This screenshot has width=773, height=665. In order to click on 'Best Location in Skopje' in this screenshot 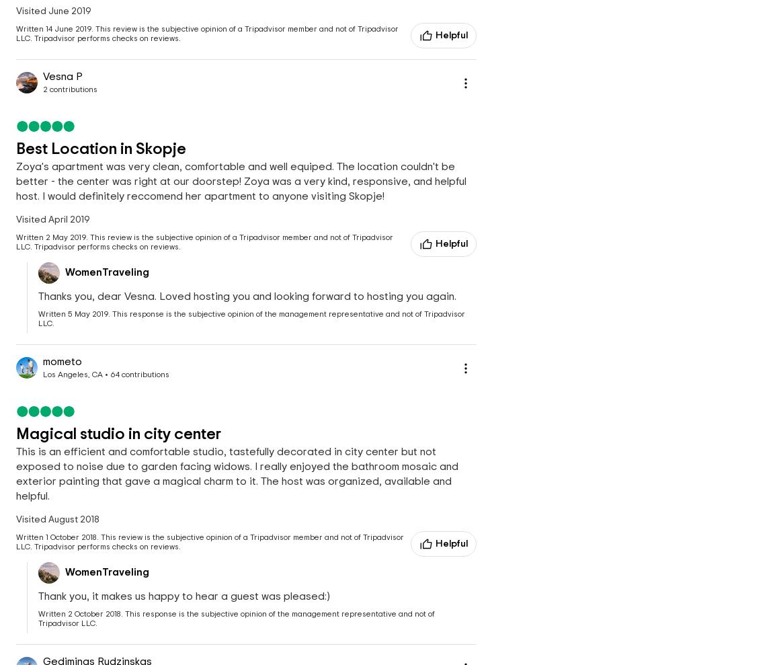, I will do `click(100, 149)`.